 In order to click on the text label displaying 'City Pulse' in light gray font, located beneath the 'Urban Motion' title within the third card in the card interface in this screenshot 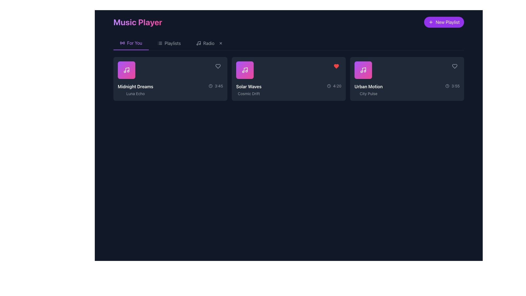, I will do `click(368, 93)`.